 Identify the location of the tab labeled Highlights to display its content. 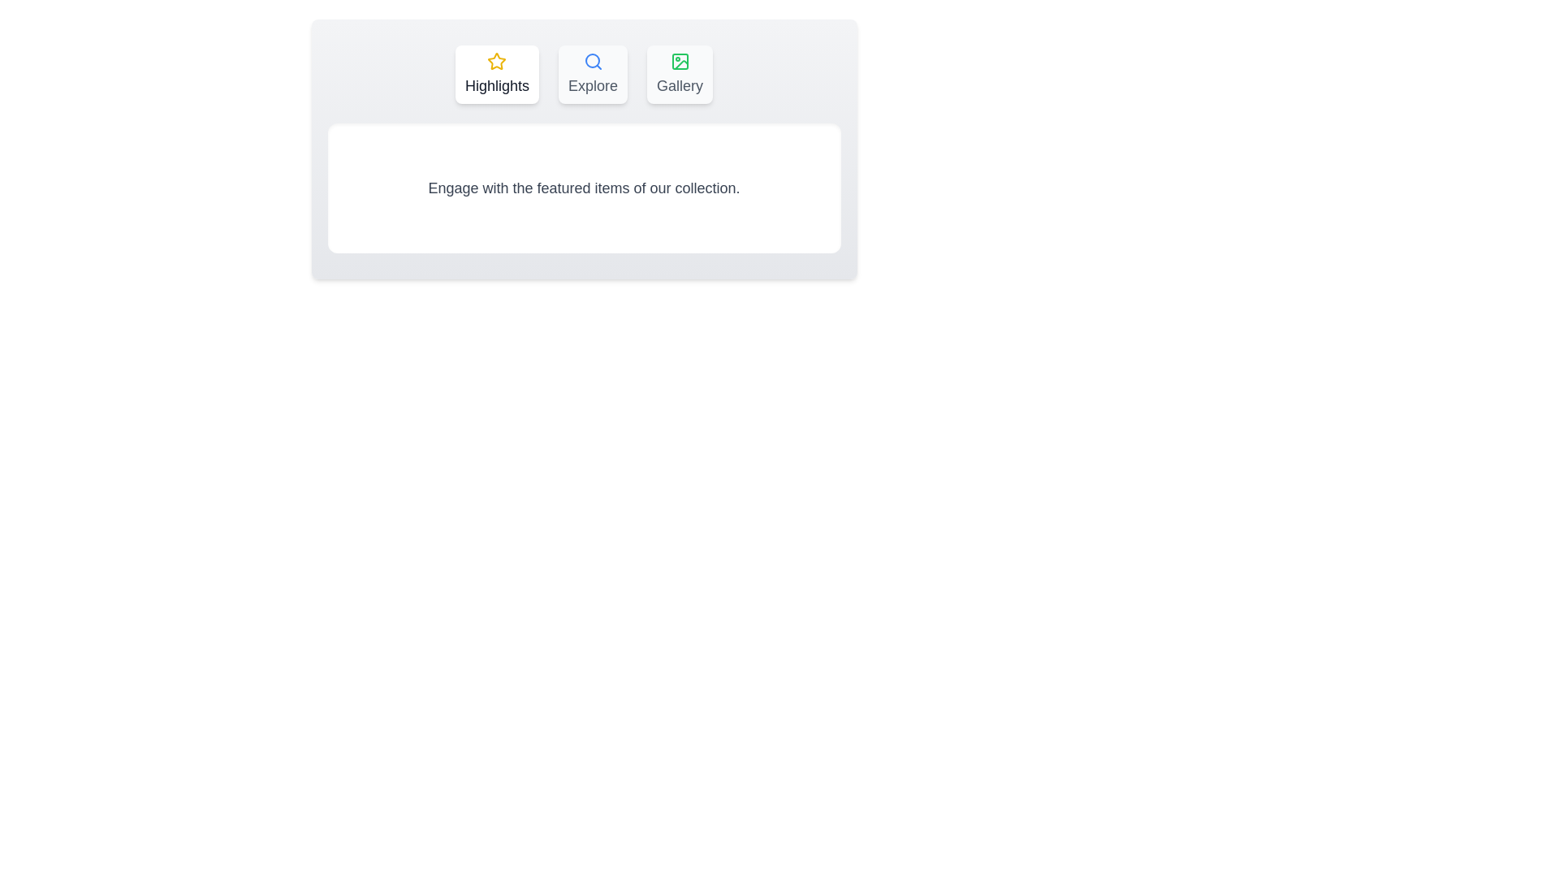
(495, 75).